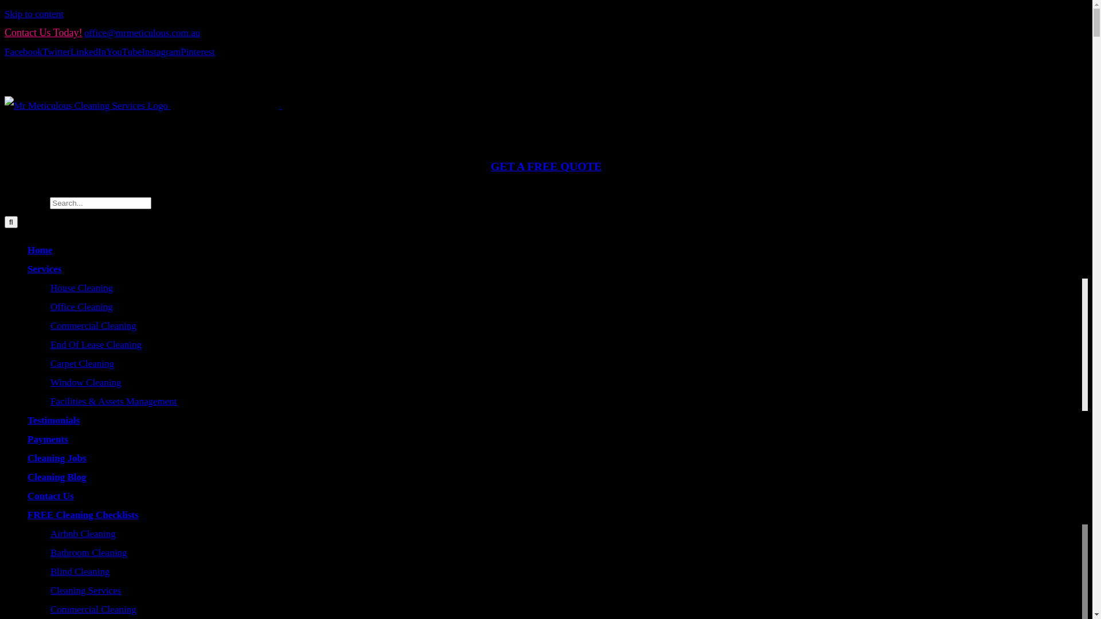  What do you see at coordinates (87, 52) in the screenshot?
I see `'LinkedIn'` at bounding box center [87, 52].